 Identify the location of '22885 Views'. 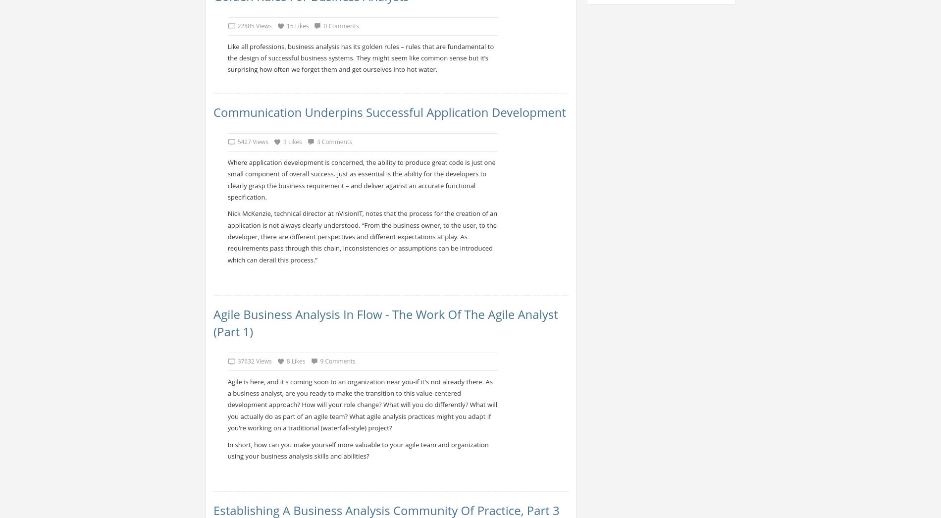
(254, 25).